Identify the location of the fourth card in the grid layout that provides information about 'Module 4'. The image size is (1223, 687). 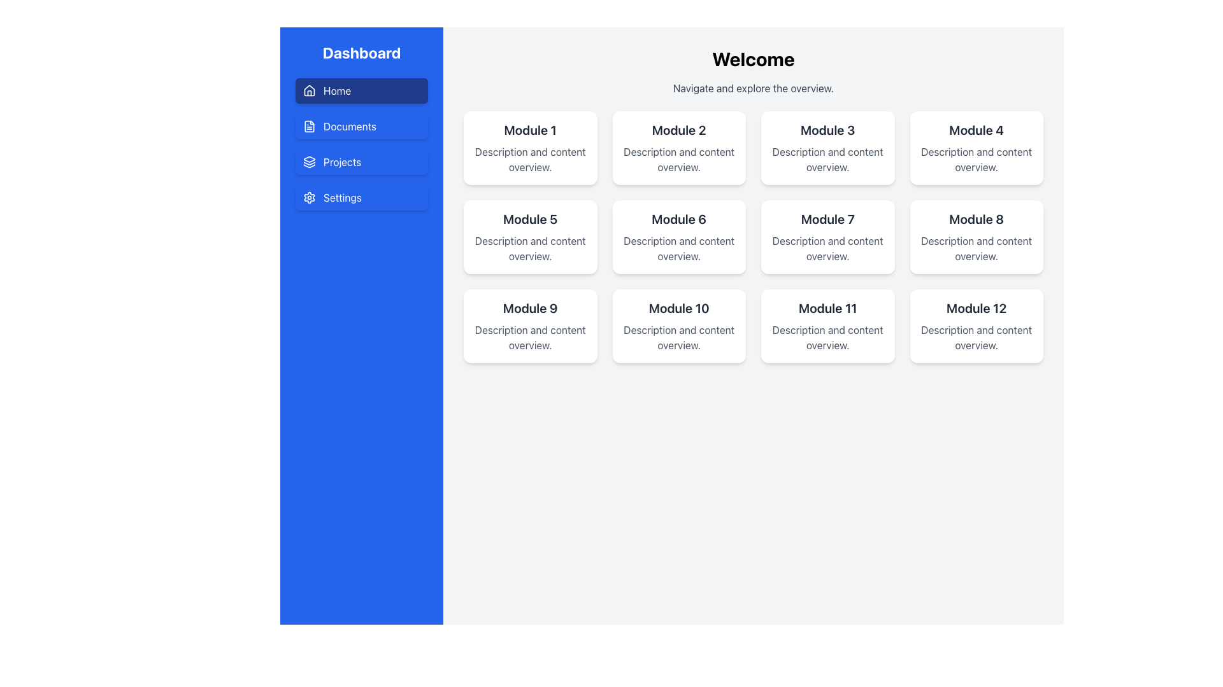
(976, 147).